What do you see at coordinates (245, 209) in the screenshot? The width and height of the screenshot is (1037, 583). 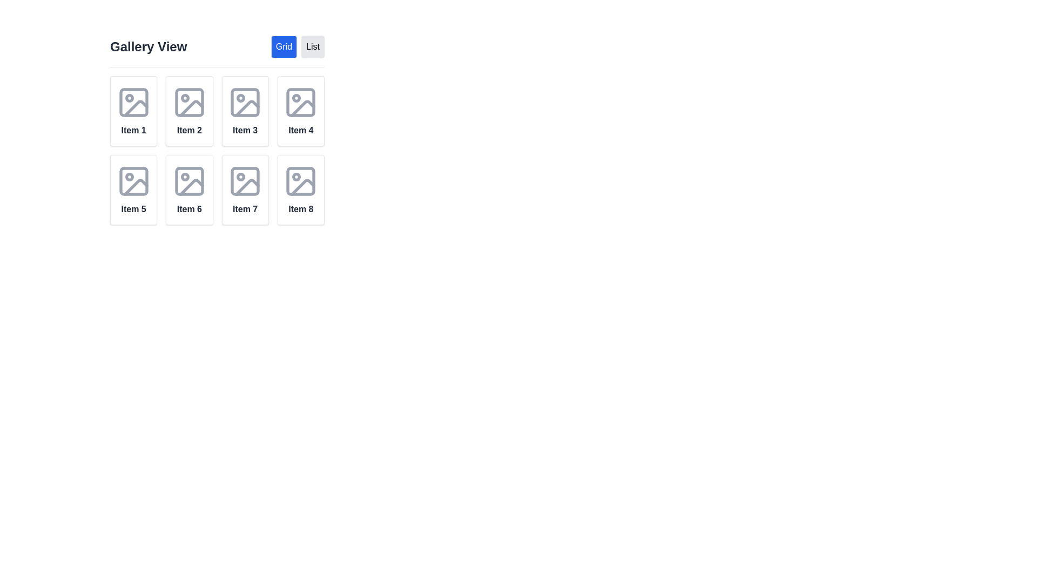 I see `the text label displaying 'Item 7' located in the seventh cell of the grid under the 'Gallery View' display` at bounding box center [245, 209].